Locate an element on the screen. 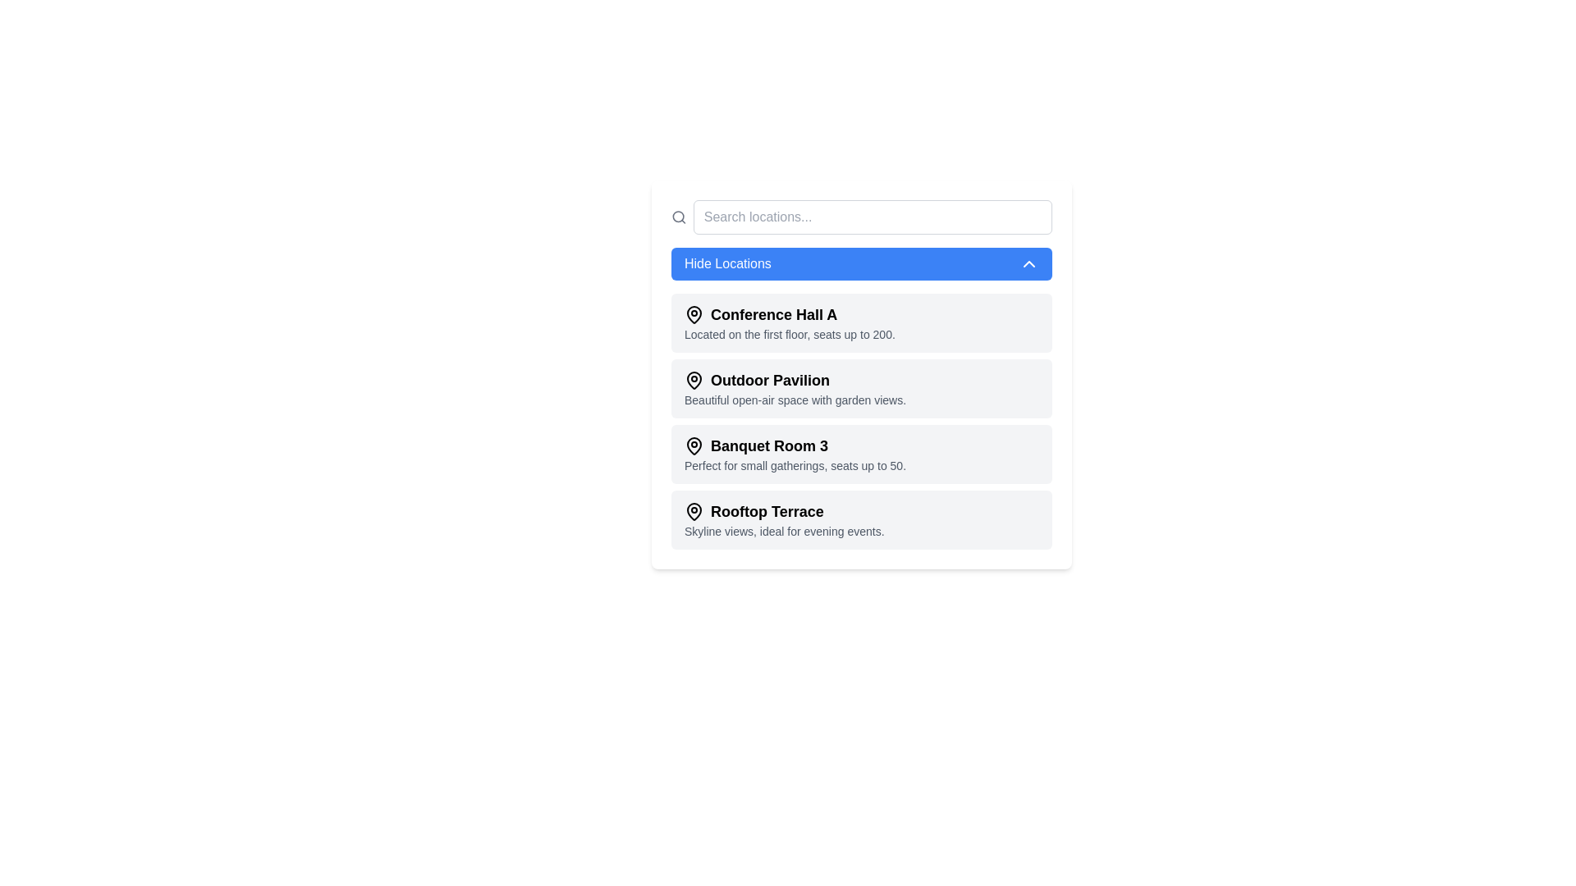 Image resolution: width=1576 pixels, height=886 pixels. the 'Outdoor Pavilion' text label with the map pin icon is located at coordinates (795, 380).